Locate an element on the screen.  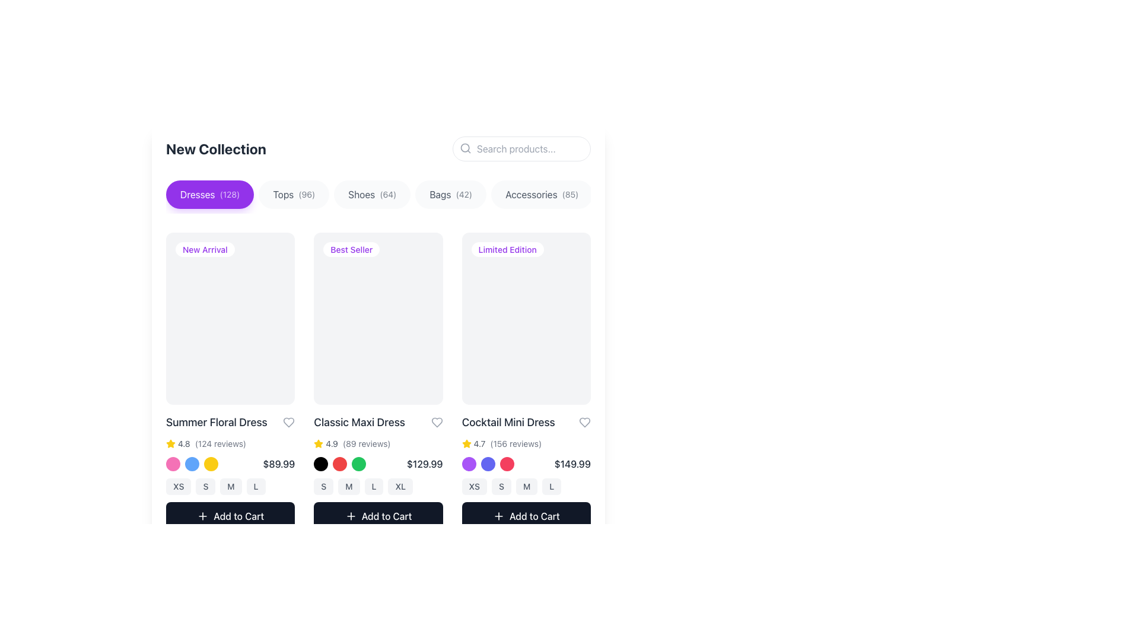
the button to add 'Summer Floral Dress' to the shopping cart, located in the bottom section of the card below the size options is located at coordinates (230, 515).